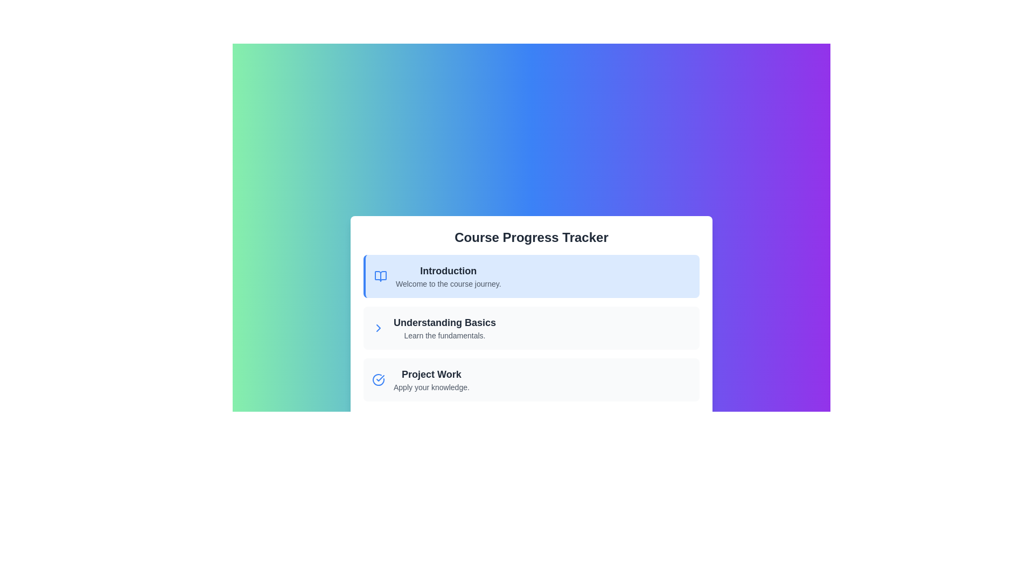  Describe the element at coordinates (378, 379) in the screenshot. I see `the Circular status indicator icon with a blue outline and checkmark inside it, located beside the 'Project Work' entry in the course tasks list` at that location.